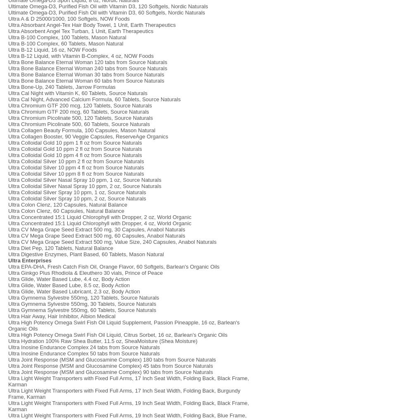  I want to click on 'Ultra Colloidal Silver Spray 10 ppm, 2 oz, Source Naturals', so click(77, 198).